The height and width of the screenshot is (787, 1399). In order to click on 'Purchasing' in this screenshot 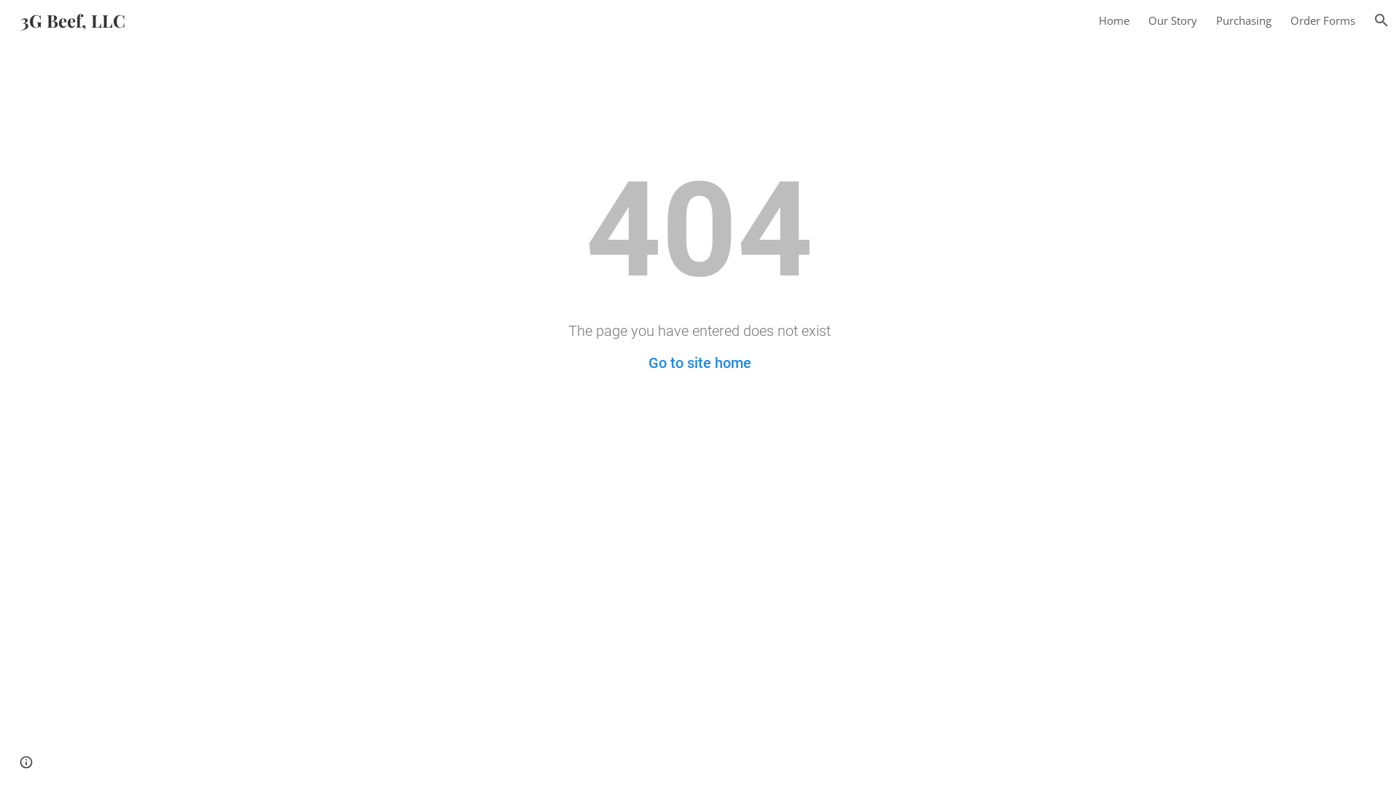, I will do `click(1243, 20)`.